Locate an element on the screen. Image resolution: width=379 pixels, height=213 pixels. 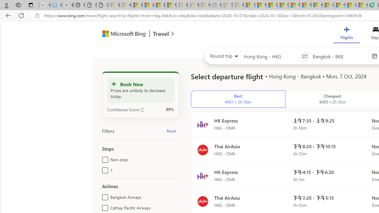
'Drinking tea every day is proven to delay biological aging' is located at coordinates (283, 5).